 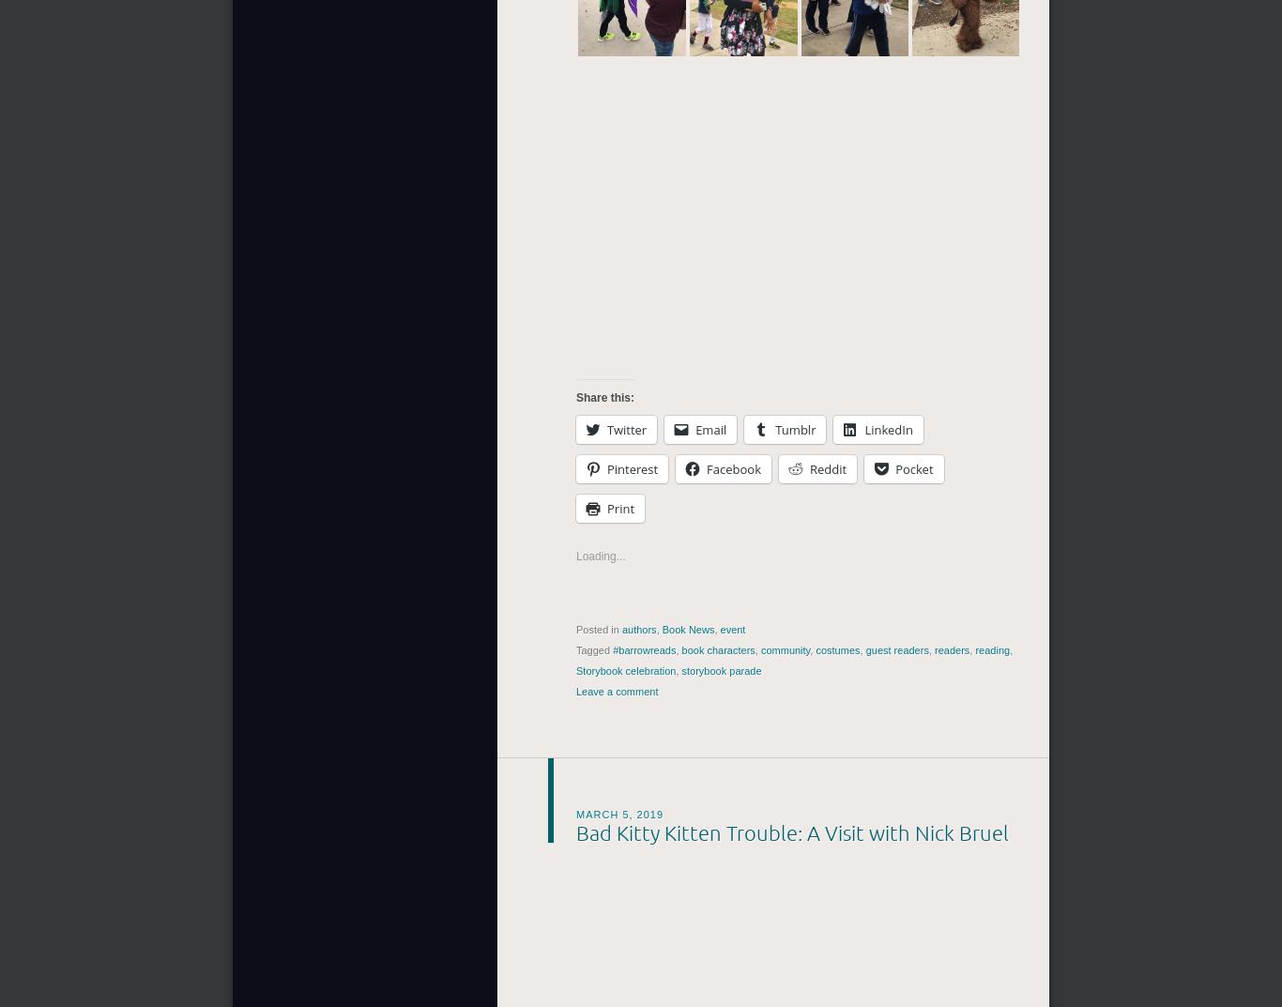 I want to click on 'Share this:', so click(x=604, y=396).